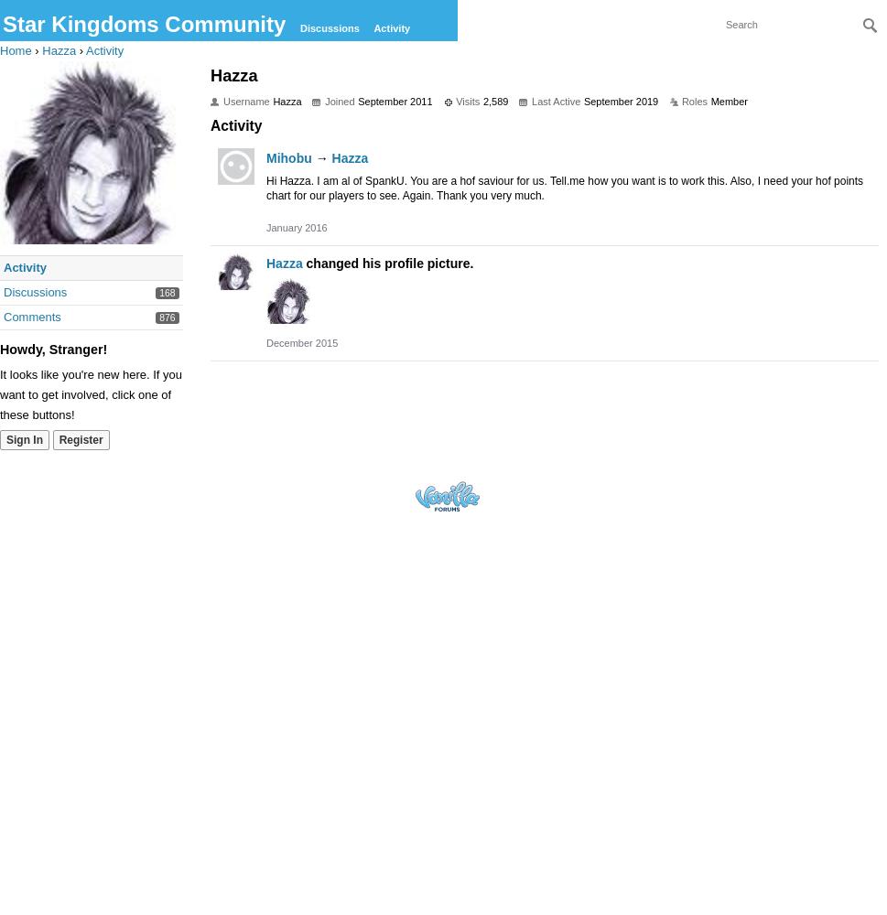 Image resolution: width=887 pixels, height=915 pixels. Describe the element at coordinates (620, 101) in the screenshot. I see `'September 2019'` at that location.